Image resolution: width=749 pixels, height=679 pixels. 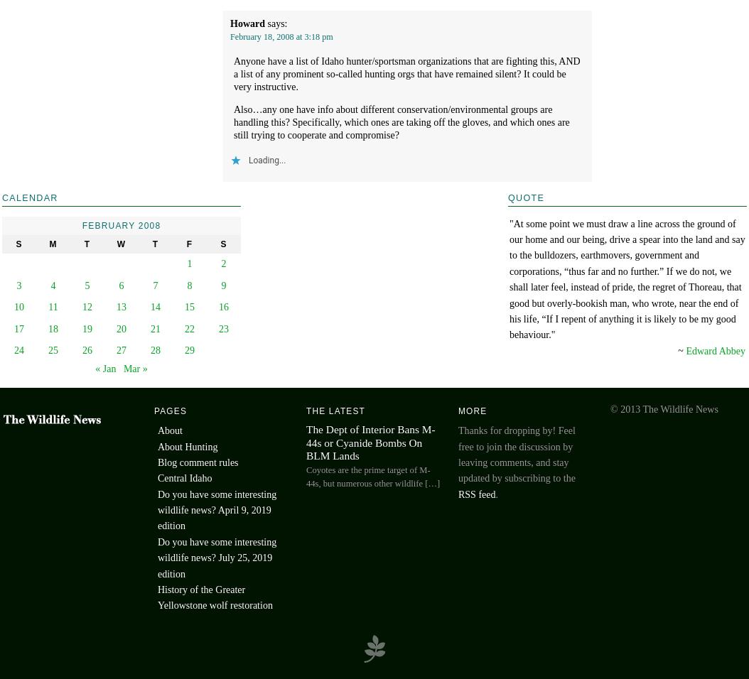 What do you see at coordinates (335, 409) in the screenshot?
I see `'The Latest'` at bounding box center [335, 409].